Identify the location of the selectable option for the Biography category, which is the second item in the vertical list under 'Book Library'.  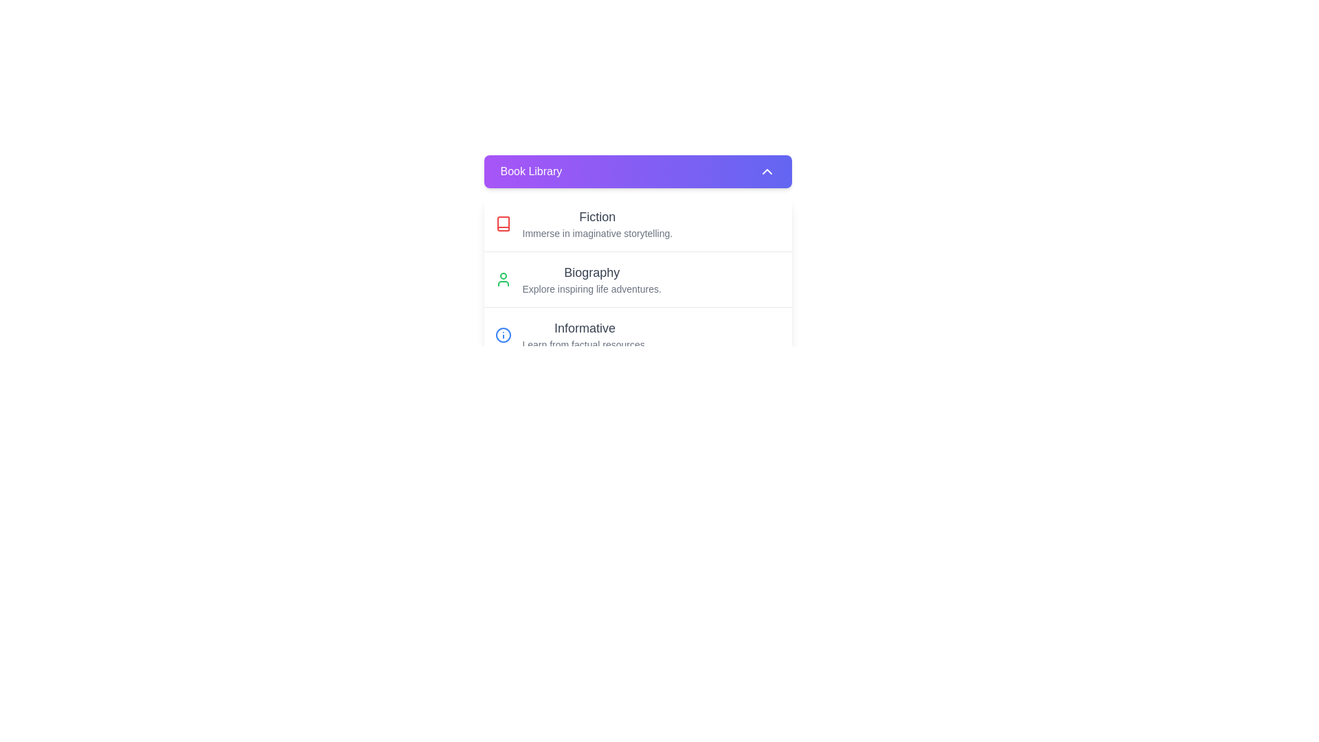
(591, 279).